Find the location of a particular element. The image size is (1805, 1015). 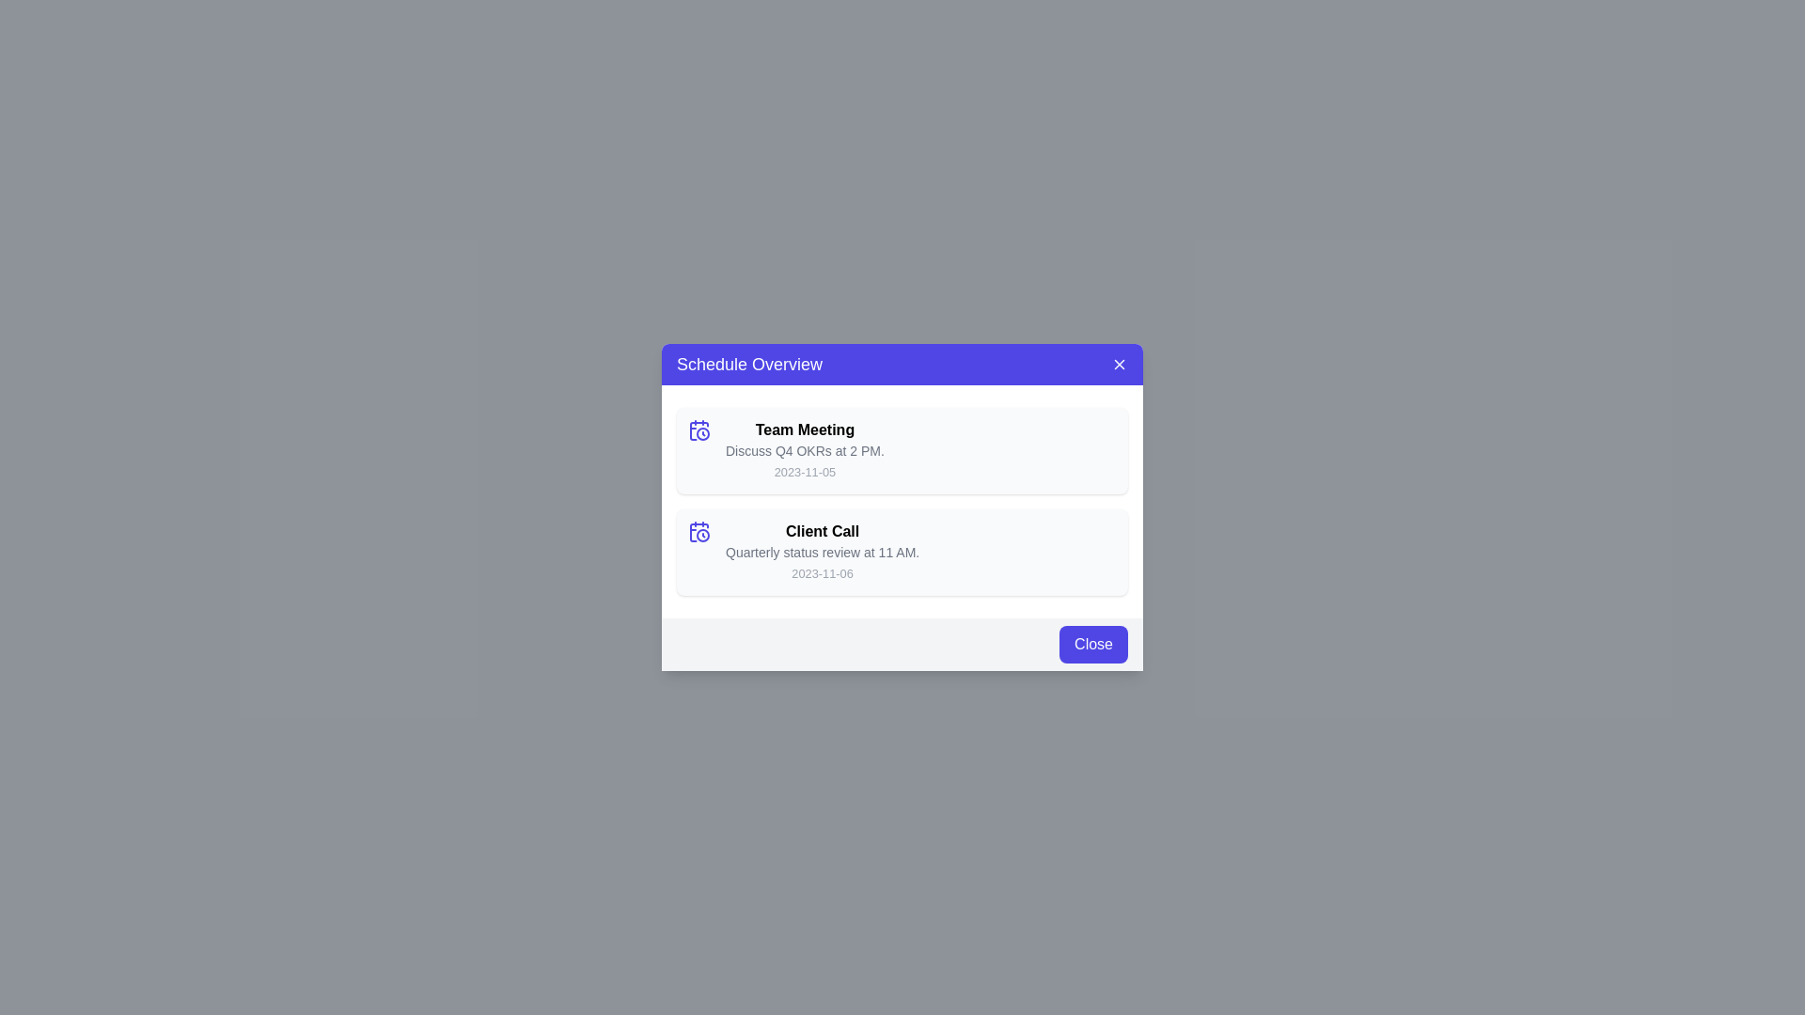

the event items in the 'Schedule Overview' modal dialog box is located at coordinates (902, 507).